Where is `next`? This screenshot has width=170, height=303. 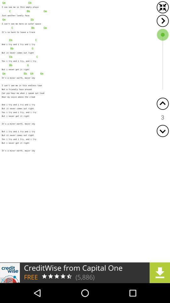
next is located at coordinates (162, 21).